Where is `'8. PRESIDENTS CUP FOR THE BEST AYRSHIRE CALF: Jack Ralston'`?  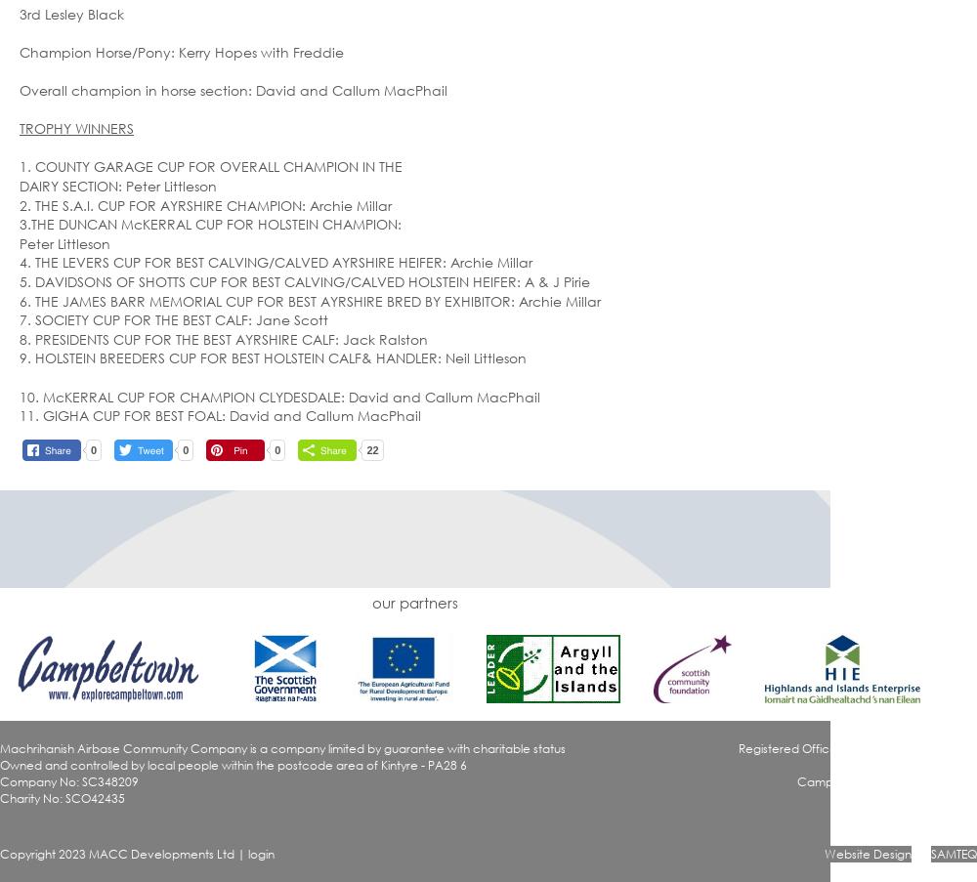 '8. PRESIDENTS CUP FOR THE BEST AYRSHIRE CALF: Jack Ralston' is located at coordinates (20, 338).